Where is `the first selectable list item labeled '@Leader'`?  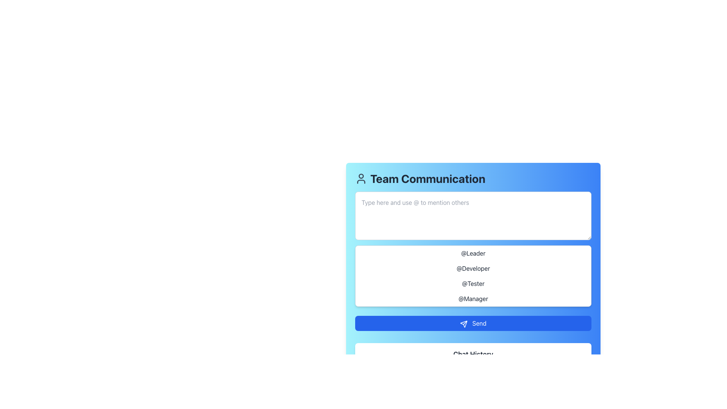
the first selectable list item labeled '@Leader' is located at coordinates (473, 253).